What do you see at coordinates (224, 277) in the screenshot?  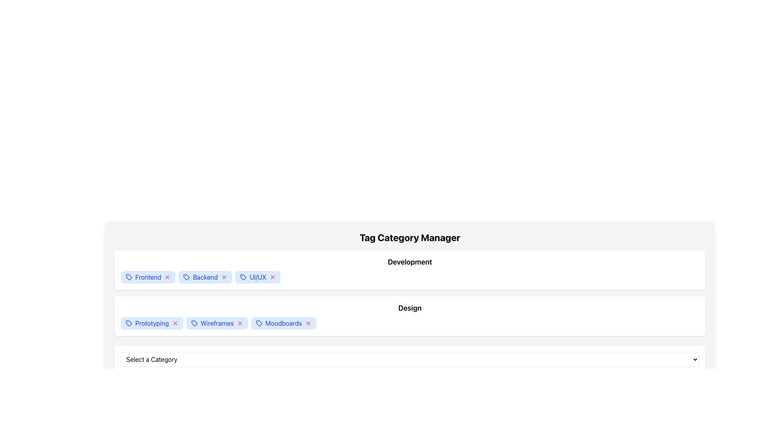 I see `the removal icon located to the right of the 'Backend' tag in the 'Development' section` at bounding box center [224, 277].